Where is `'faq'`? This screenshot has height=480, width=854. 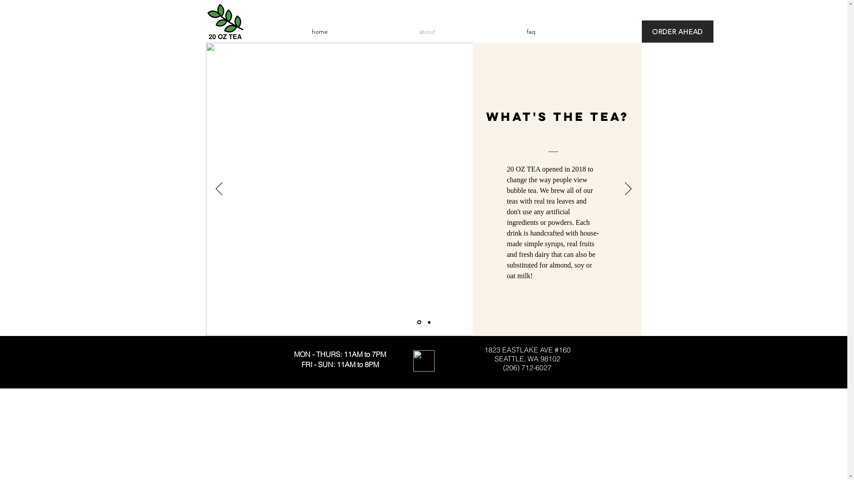
'faq' is located at coordinates (480, 31).